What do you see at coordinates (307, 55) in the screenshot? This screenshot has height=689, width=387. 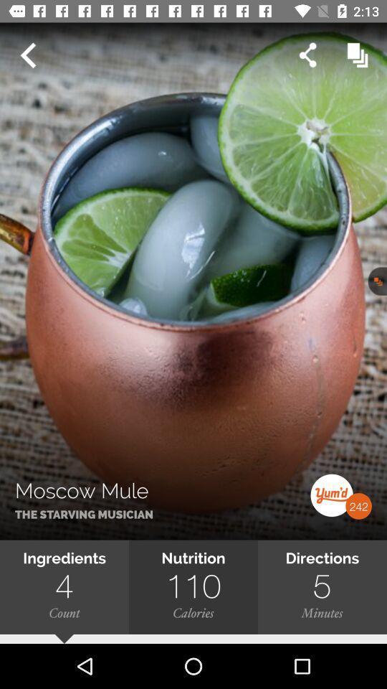 I see `share feature` at bounding box center [307, 55].